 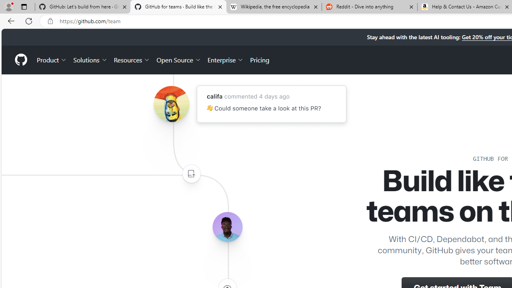 What do you see at coordinates (171, 104) in the screenshot?
I see `'Avatar of the user califa'` at bounding box center [171, 104].